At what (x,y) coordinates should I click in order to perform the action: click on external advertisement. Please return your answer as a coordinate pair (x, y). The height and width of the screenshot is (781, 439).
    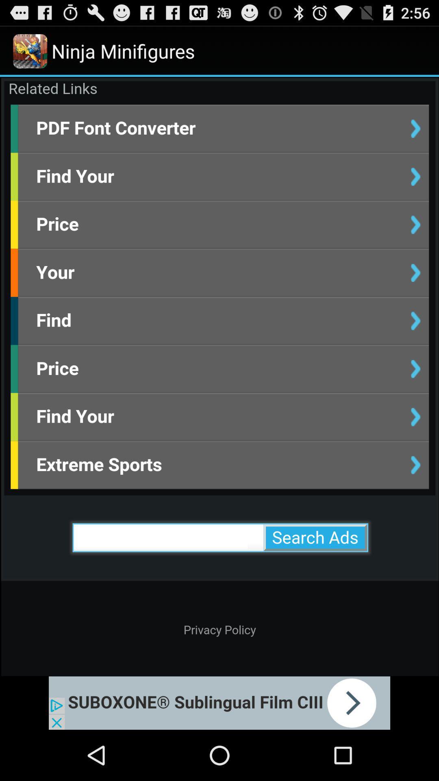
    Looking at the image, I should click on (219, 702).